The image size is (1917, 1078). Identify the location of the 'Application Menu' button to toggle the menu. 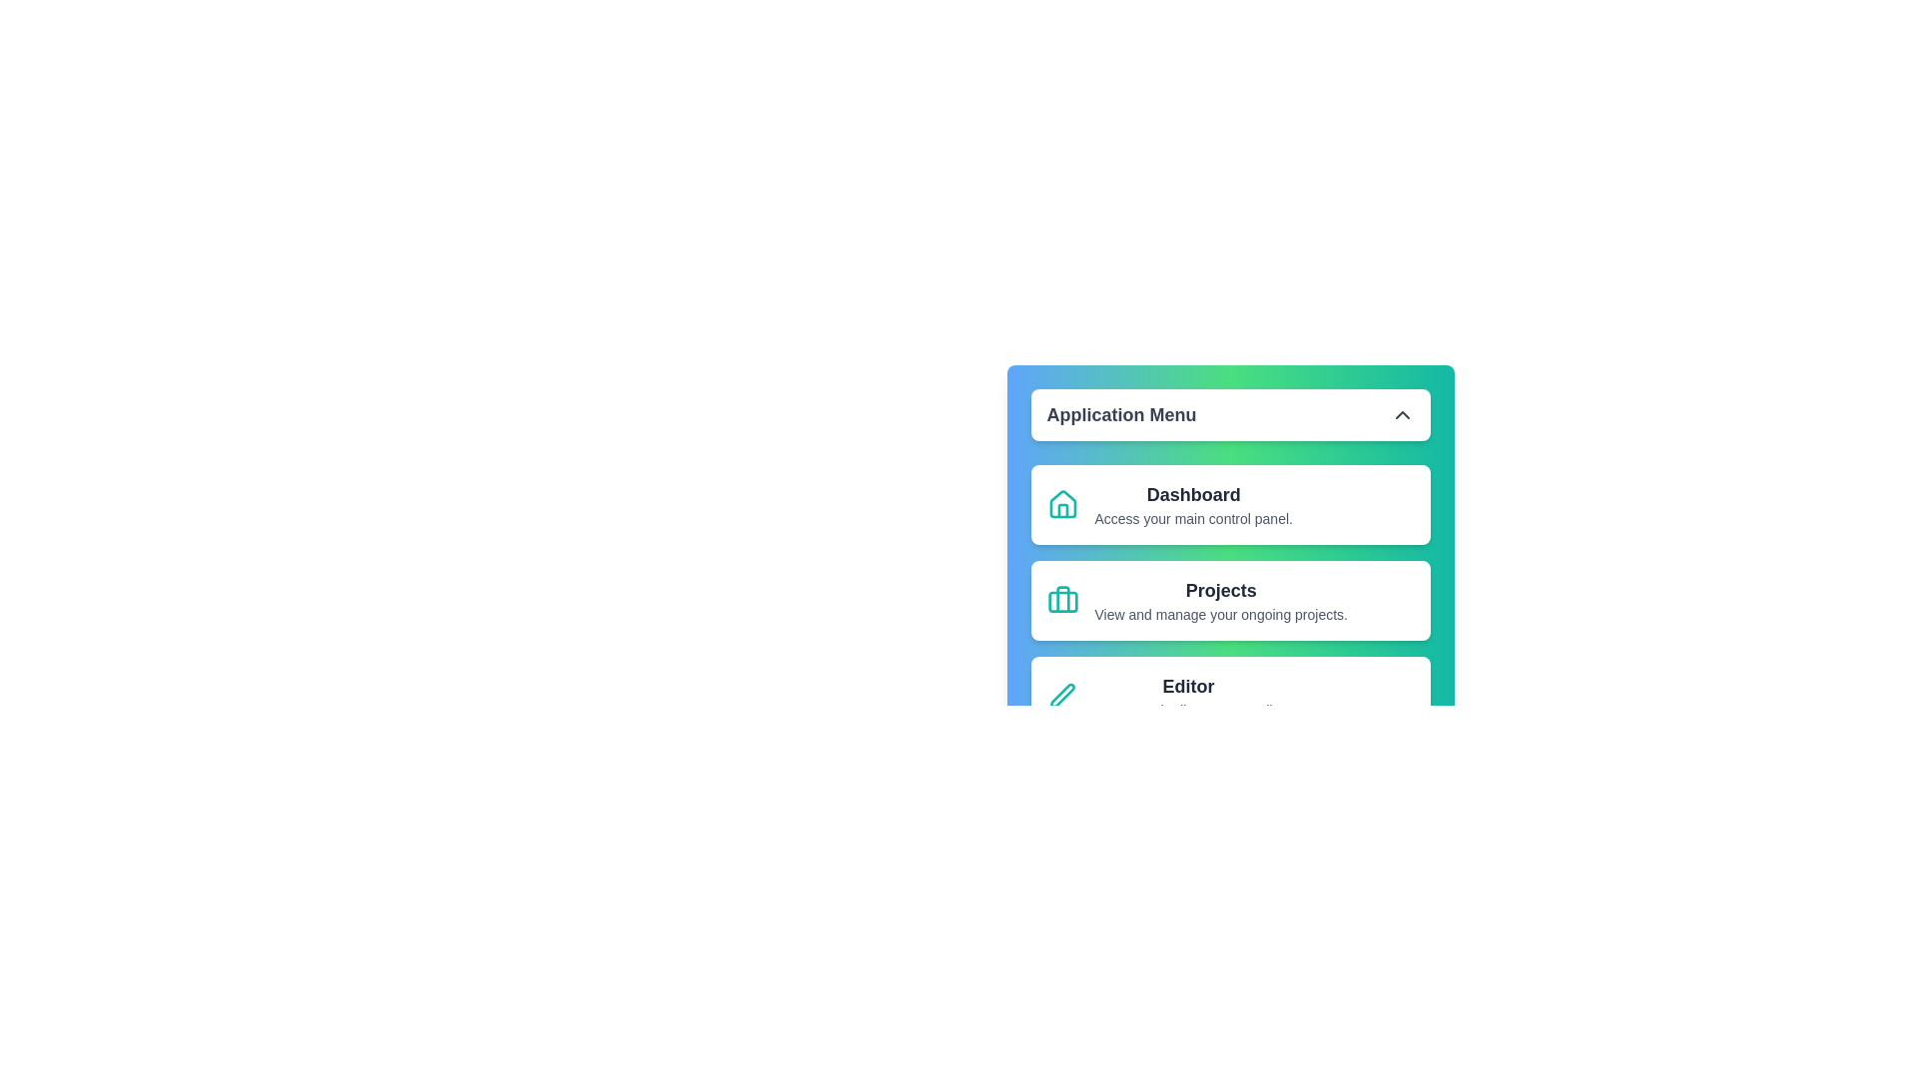
(1229, 414).